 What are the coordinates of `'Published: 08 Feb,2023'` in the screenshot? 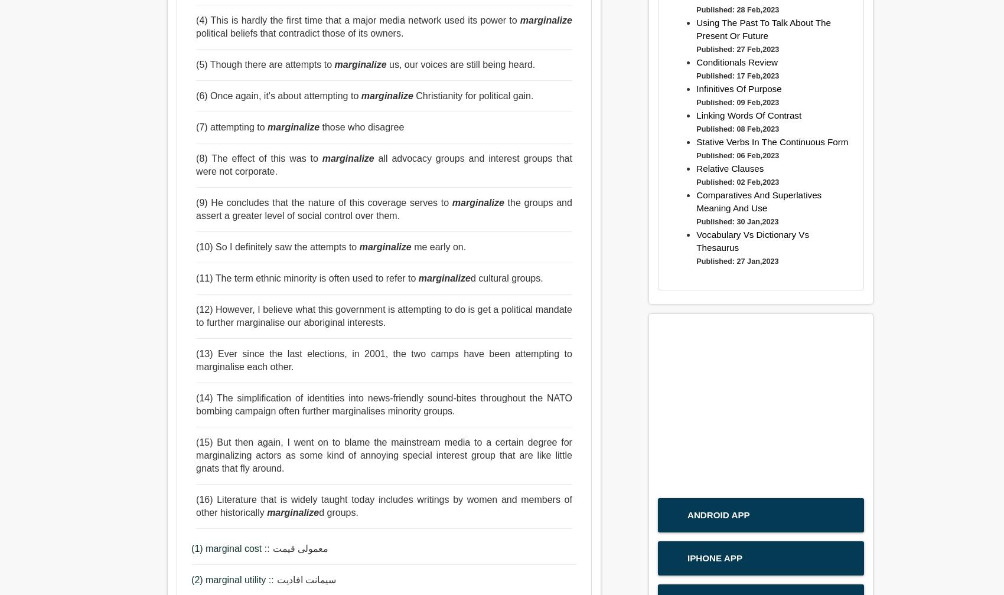 It's located at (736, 129).